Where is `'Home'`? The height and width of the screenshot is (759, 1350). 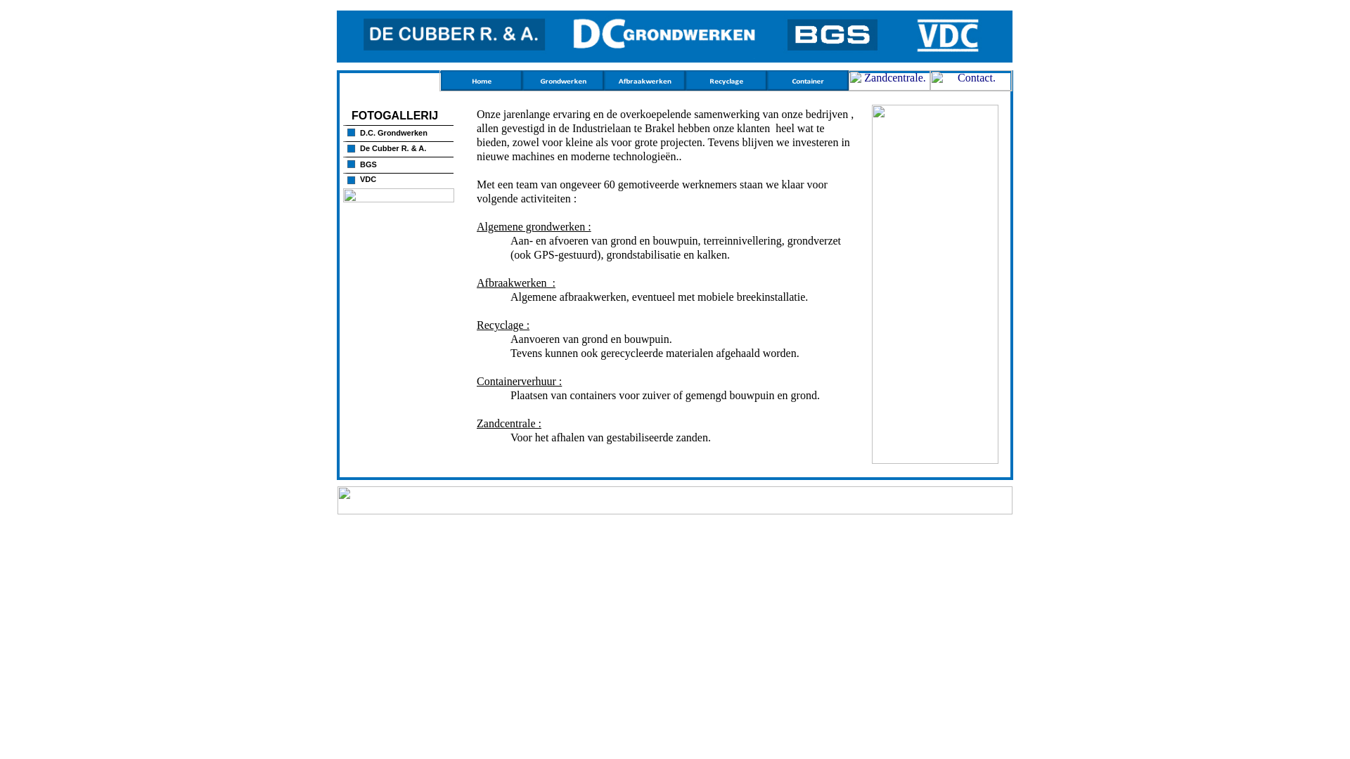 'Home' is located at coordinates (440, 86).